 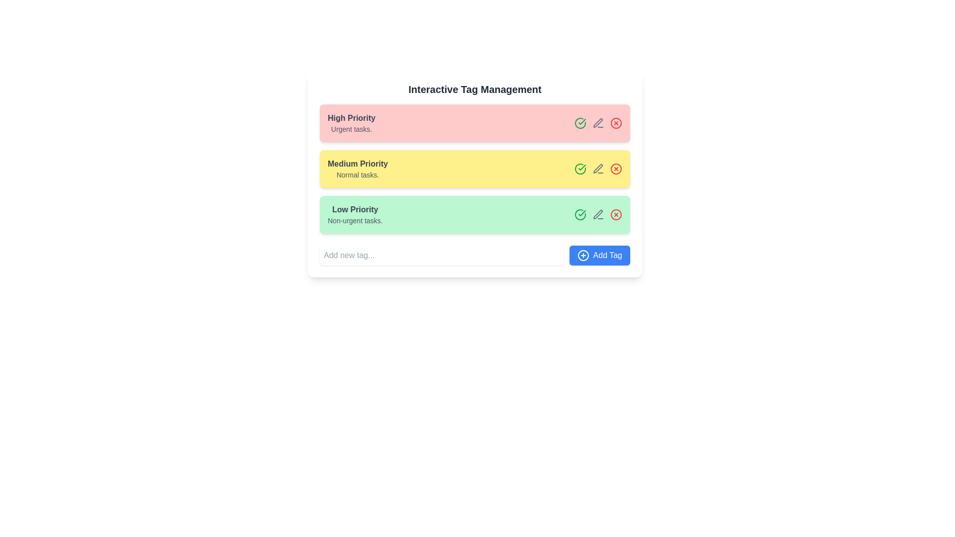 What do you see at coordinates (580, 214) in the screenshot?
I see `the confirm button located to the right of the 'Low Priority' label in the green section of the task list to approve the respective task` at bounding box center [580, 214].